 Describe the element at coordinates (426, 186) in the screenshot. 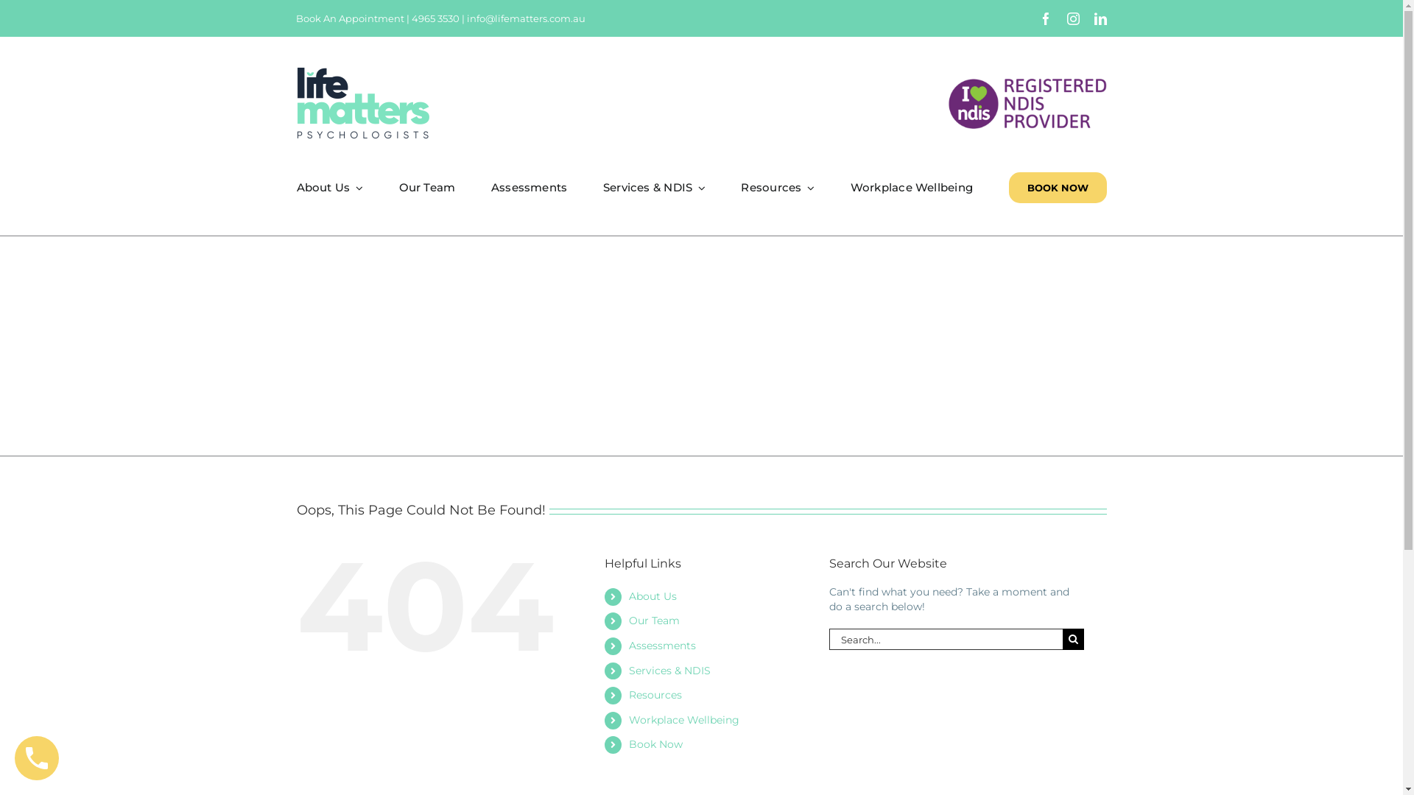

I see `'Our Team'` at that location.